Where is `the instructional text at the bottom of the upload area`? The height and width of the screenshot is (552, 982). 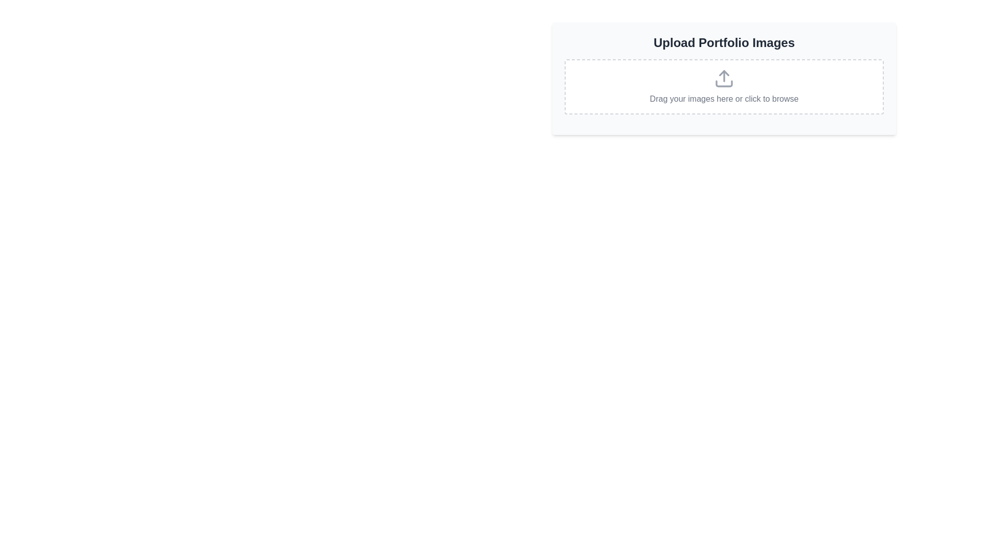 the instructional text at the bottom of the upload area is located at coordinates (724, 99).